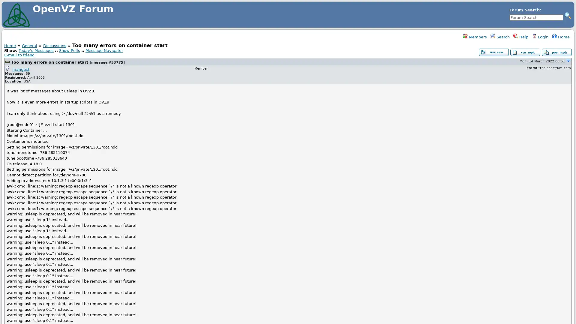  I want to click on Search, so click(567, 15).